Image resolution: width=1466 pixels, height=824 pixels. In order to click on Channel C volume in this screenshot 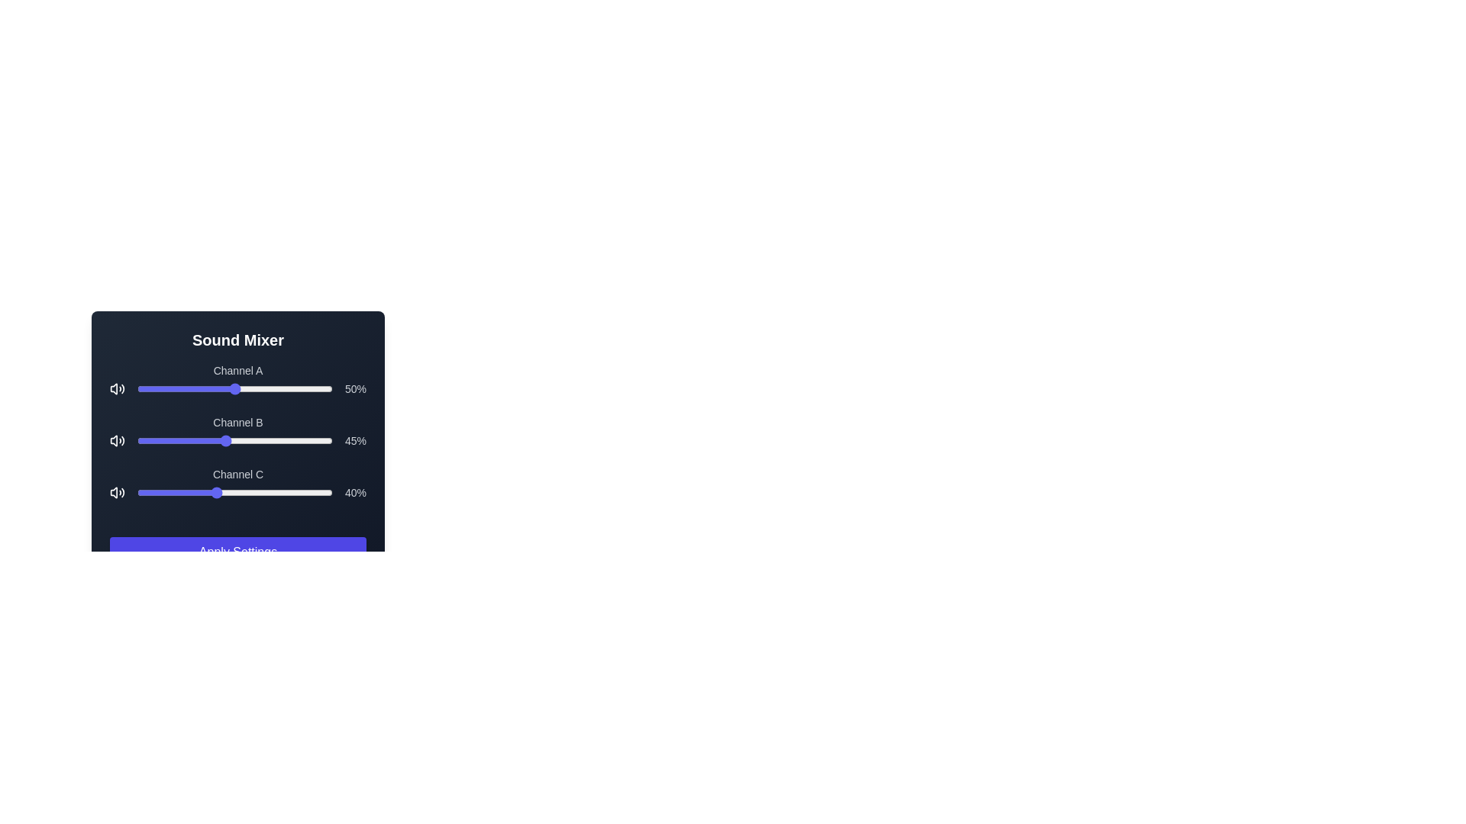, I will do `click(226, 492)`.